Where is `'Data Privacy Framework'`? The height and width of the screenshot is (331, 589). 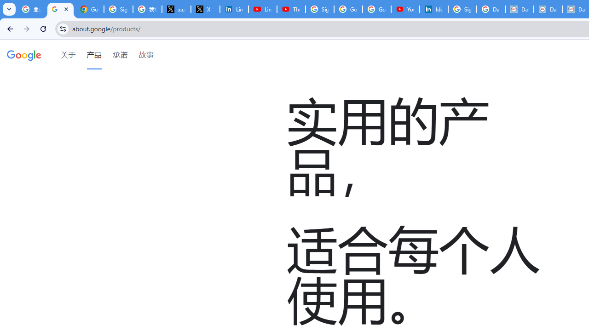
'Data Privacy Framework' is located at coordinates (519, 9).